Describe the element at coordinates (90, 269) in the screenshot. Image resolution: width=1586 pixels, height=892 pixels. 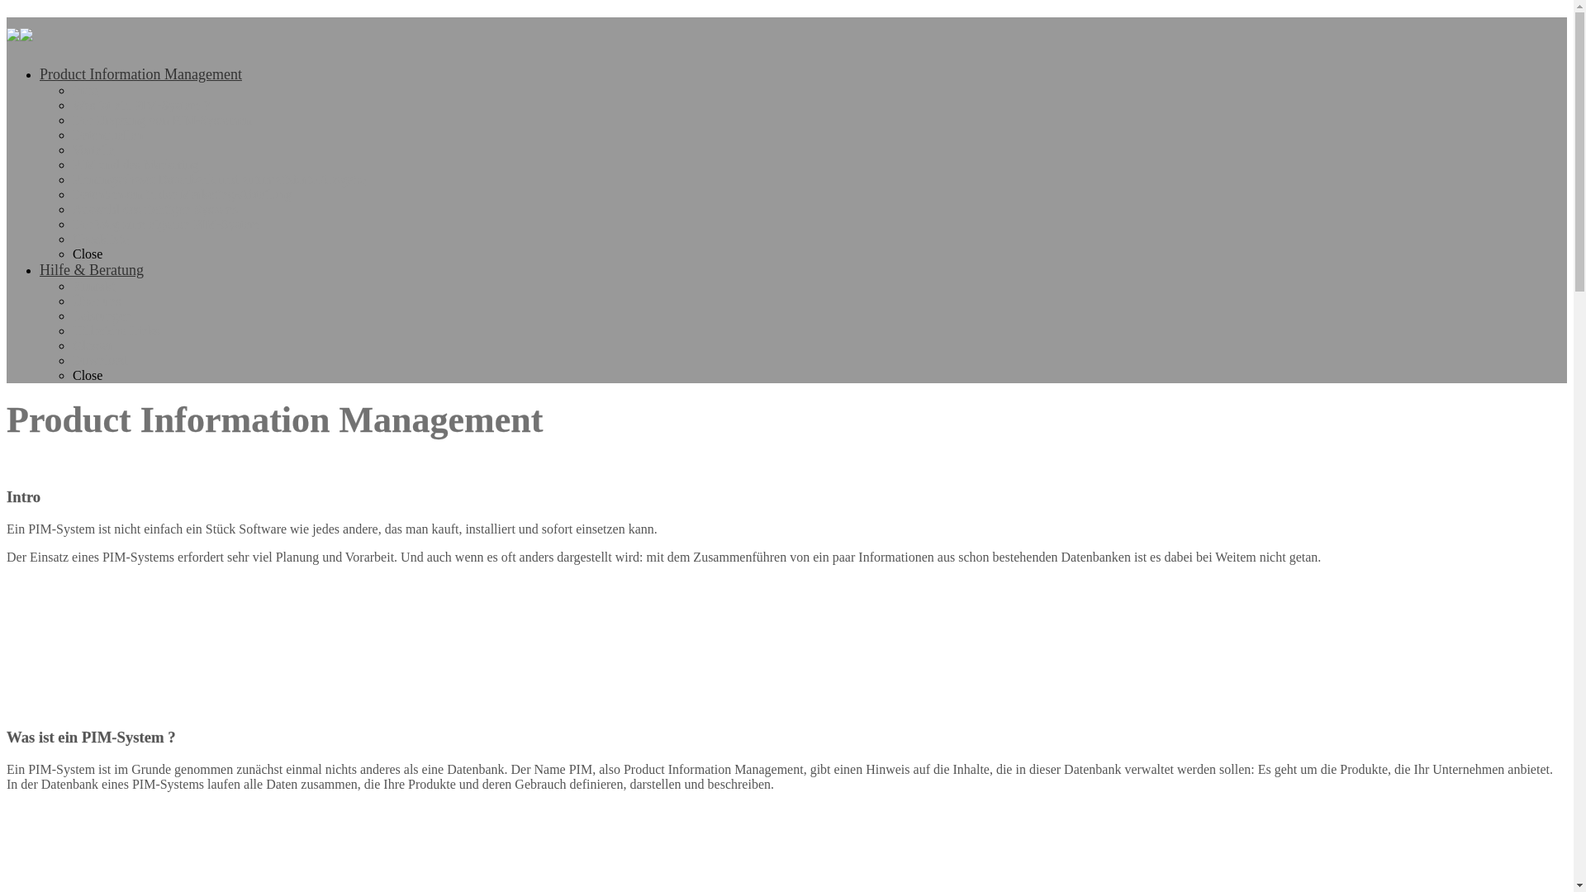
I see `'Hilfe & Beratung'` at that location.